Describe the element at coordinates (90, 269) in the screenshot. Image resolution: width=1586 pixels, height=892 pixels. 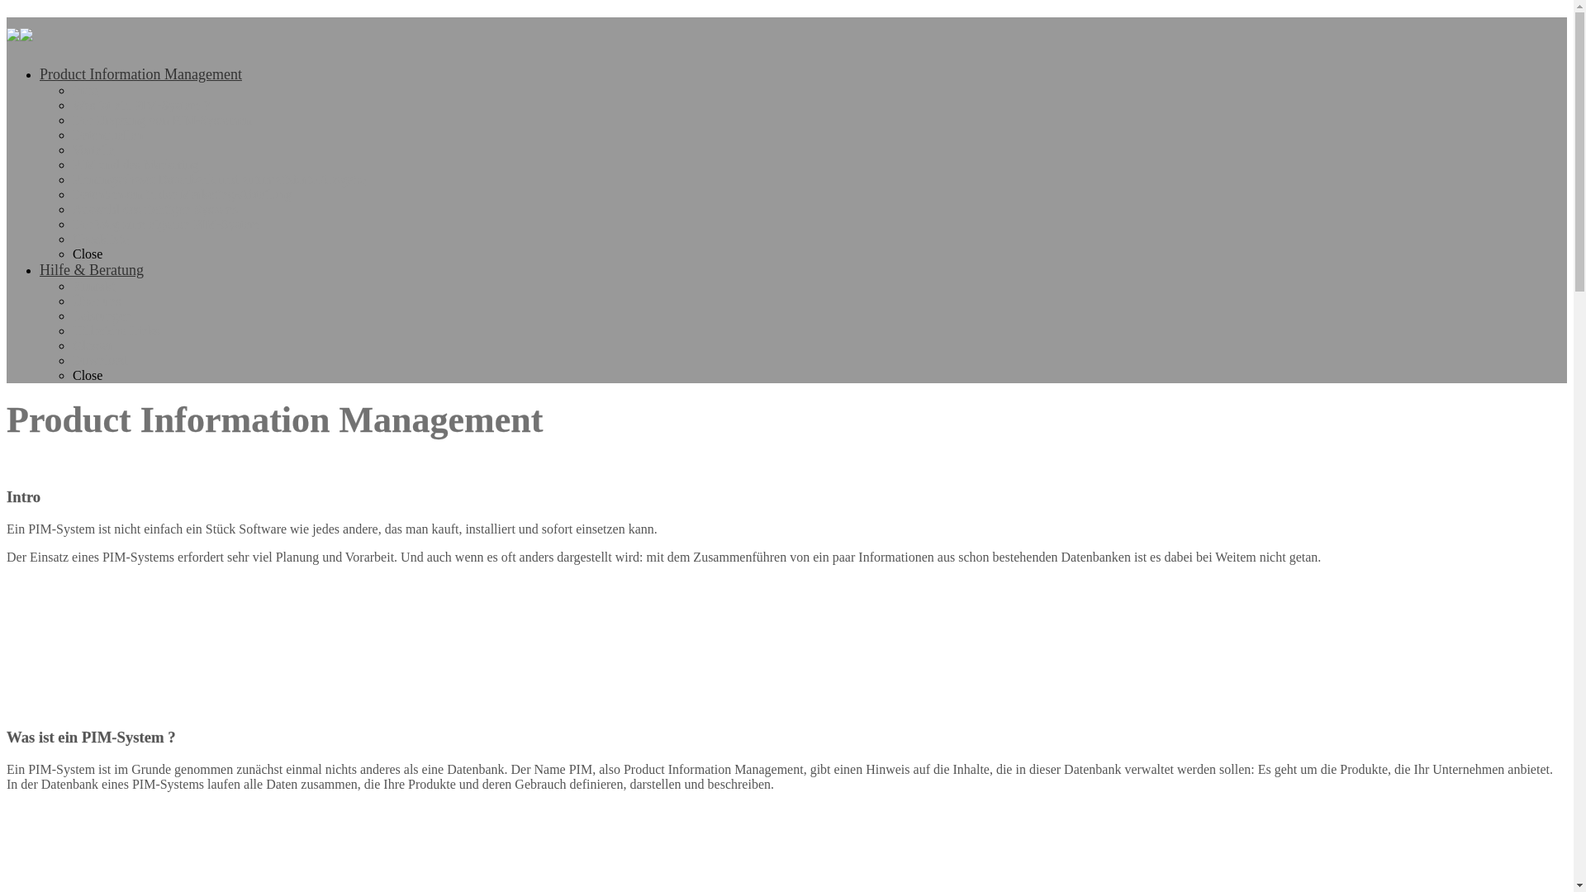
I see `'Hilfe & Beratung'` at that location.